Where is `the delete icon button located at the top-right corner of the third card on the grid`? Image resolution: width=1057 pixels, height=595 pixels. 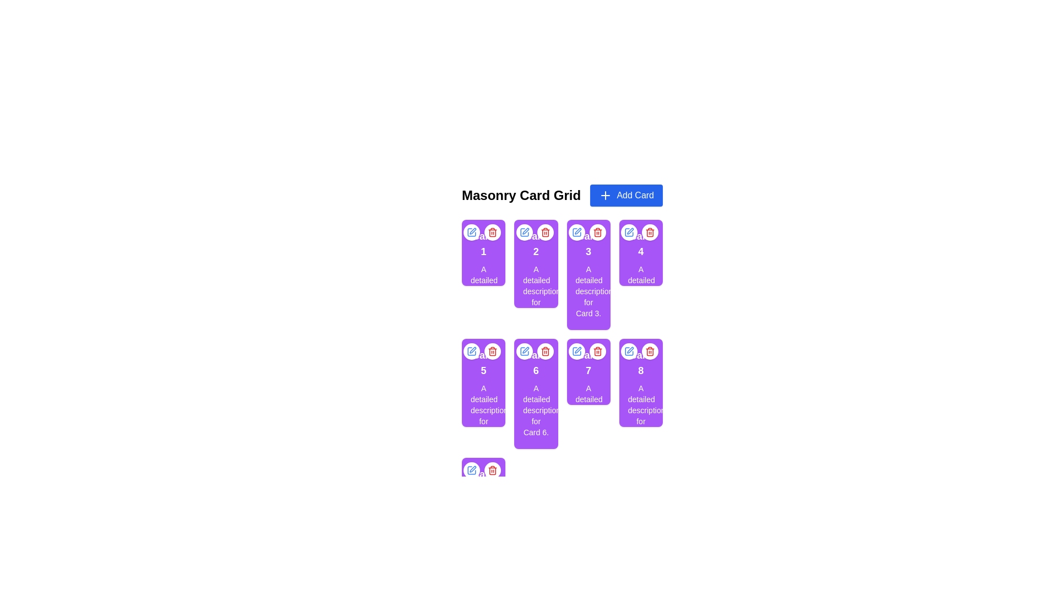
the delete icon button located at the top-right corner of the third card on the grid is located at coordinates (597, 231).